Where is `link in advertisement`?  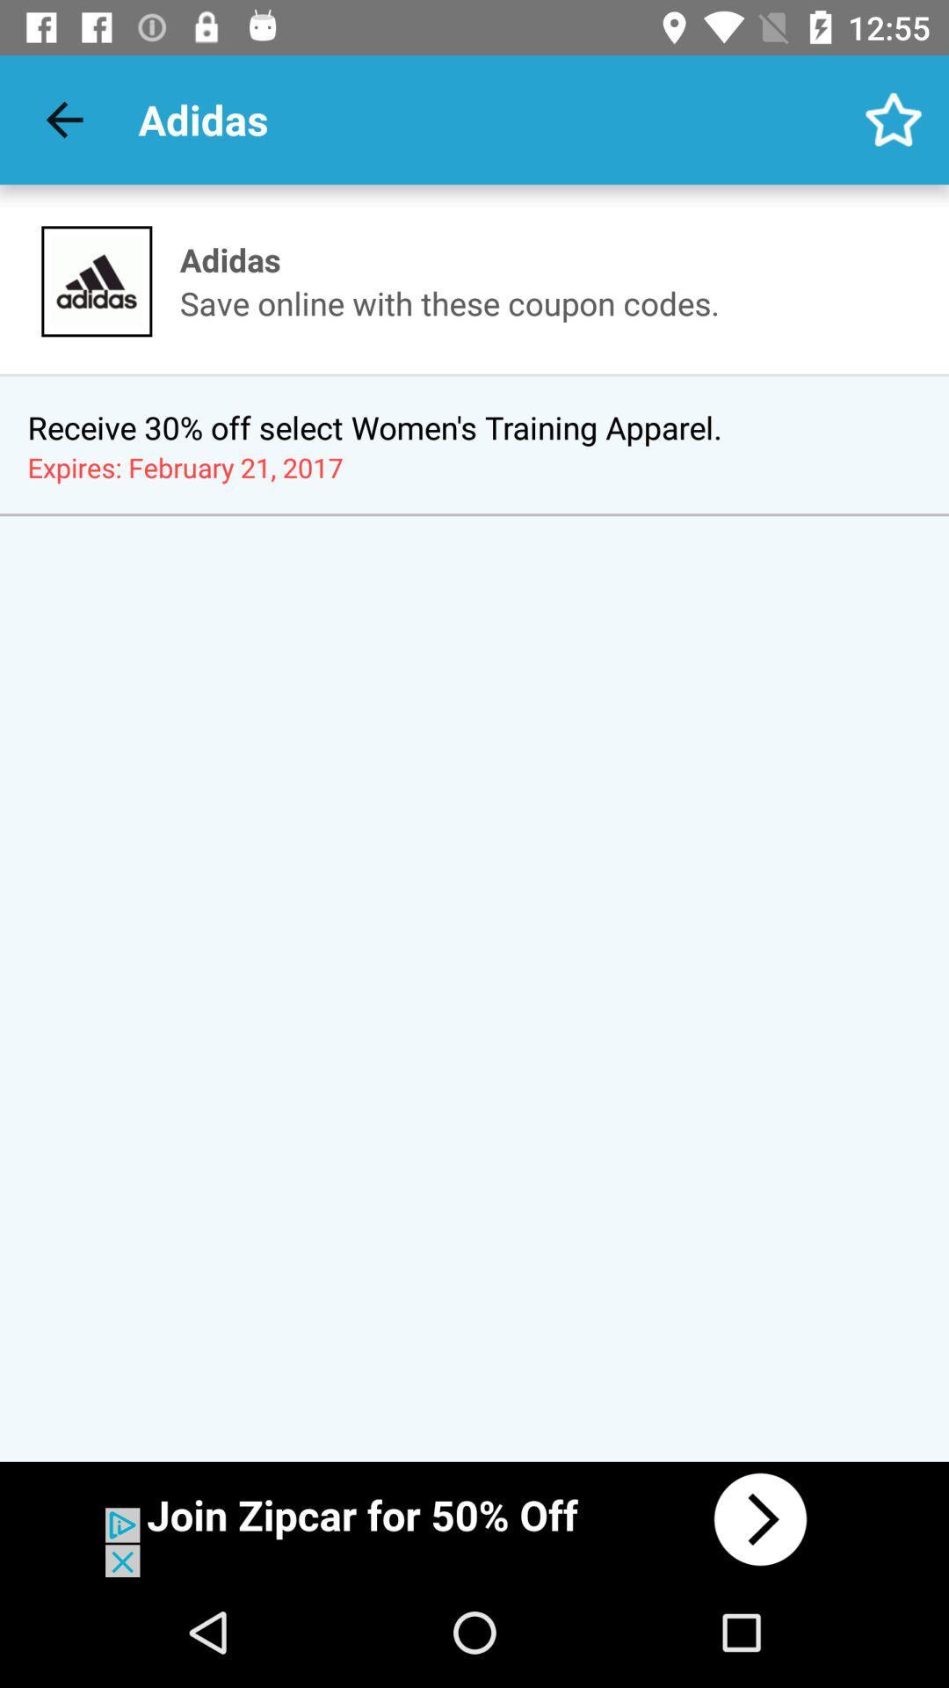 link in advertisement is located at coordinates (474, 1518).